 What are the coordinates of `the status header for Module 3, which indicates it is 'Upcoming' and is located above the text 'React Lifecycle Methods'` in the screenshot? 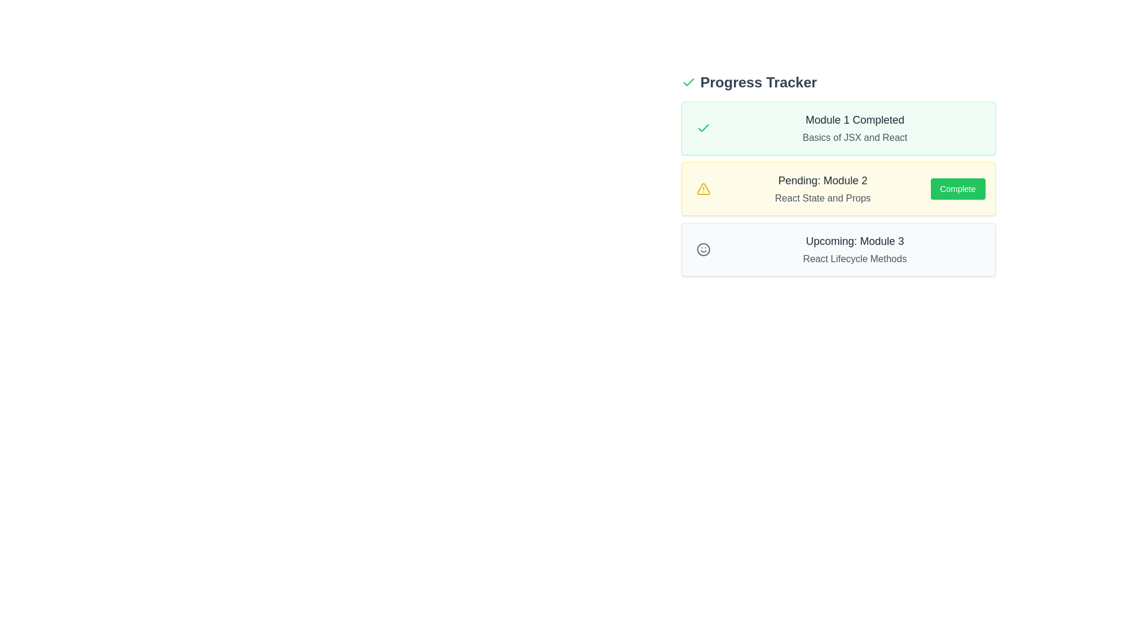 It's located at (854, 241).